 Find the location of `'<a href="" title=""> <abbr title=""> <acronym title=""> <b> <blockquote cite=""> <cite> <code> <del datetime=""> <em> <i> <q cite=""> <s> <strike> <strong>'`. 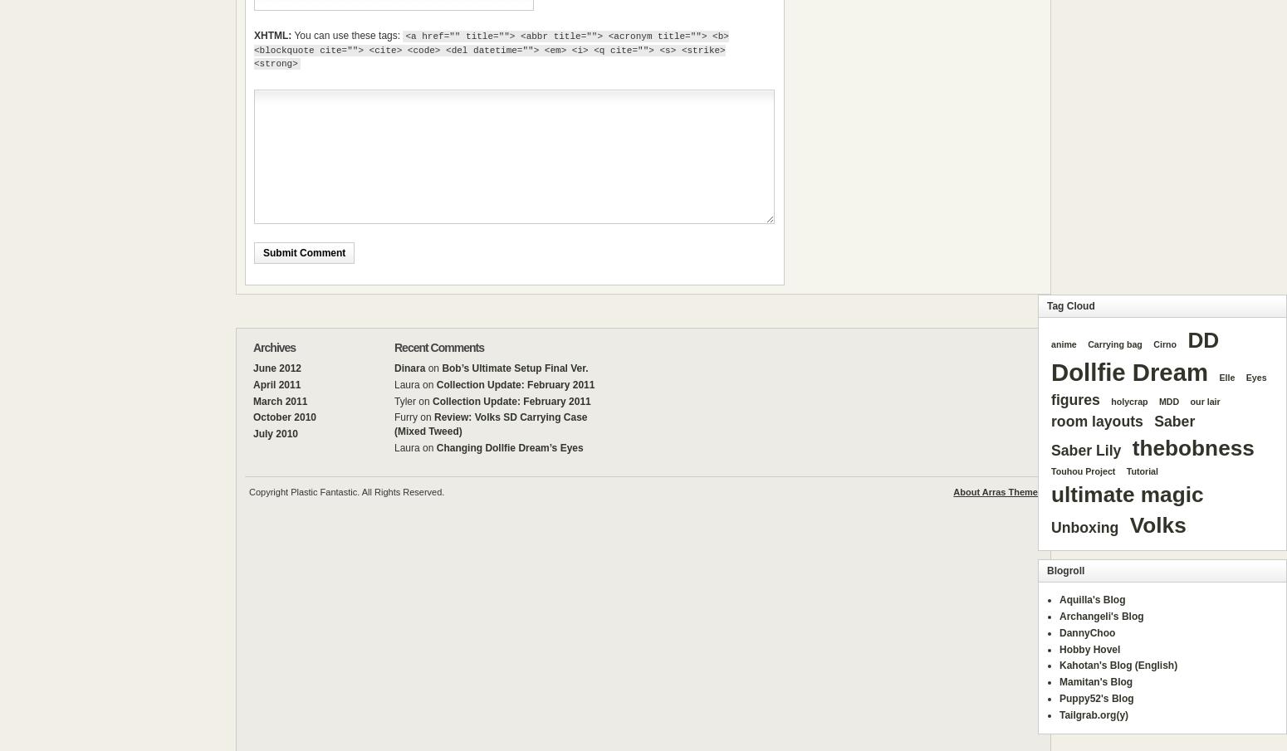

'<a href="" title=""> <abbr title=""> <acronym title=""> <b> <blockquote cite=""> <cite> <code> <del datetime=""> <em> <i> <q cite=""> <s> <strike> <strong>' is located at coordinates (491, 50).